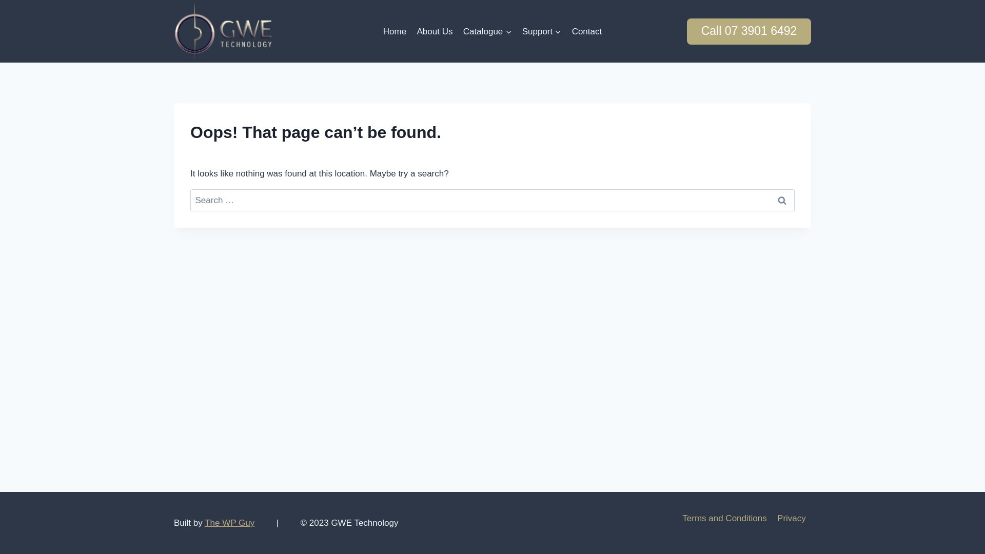  I want to click on 'Privacy', so click(791, 518).